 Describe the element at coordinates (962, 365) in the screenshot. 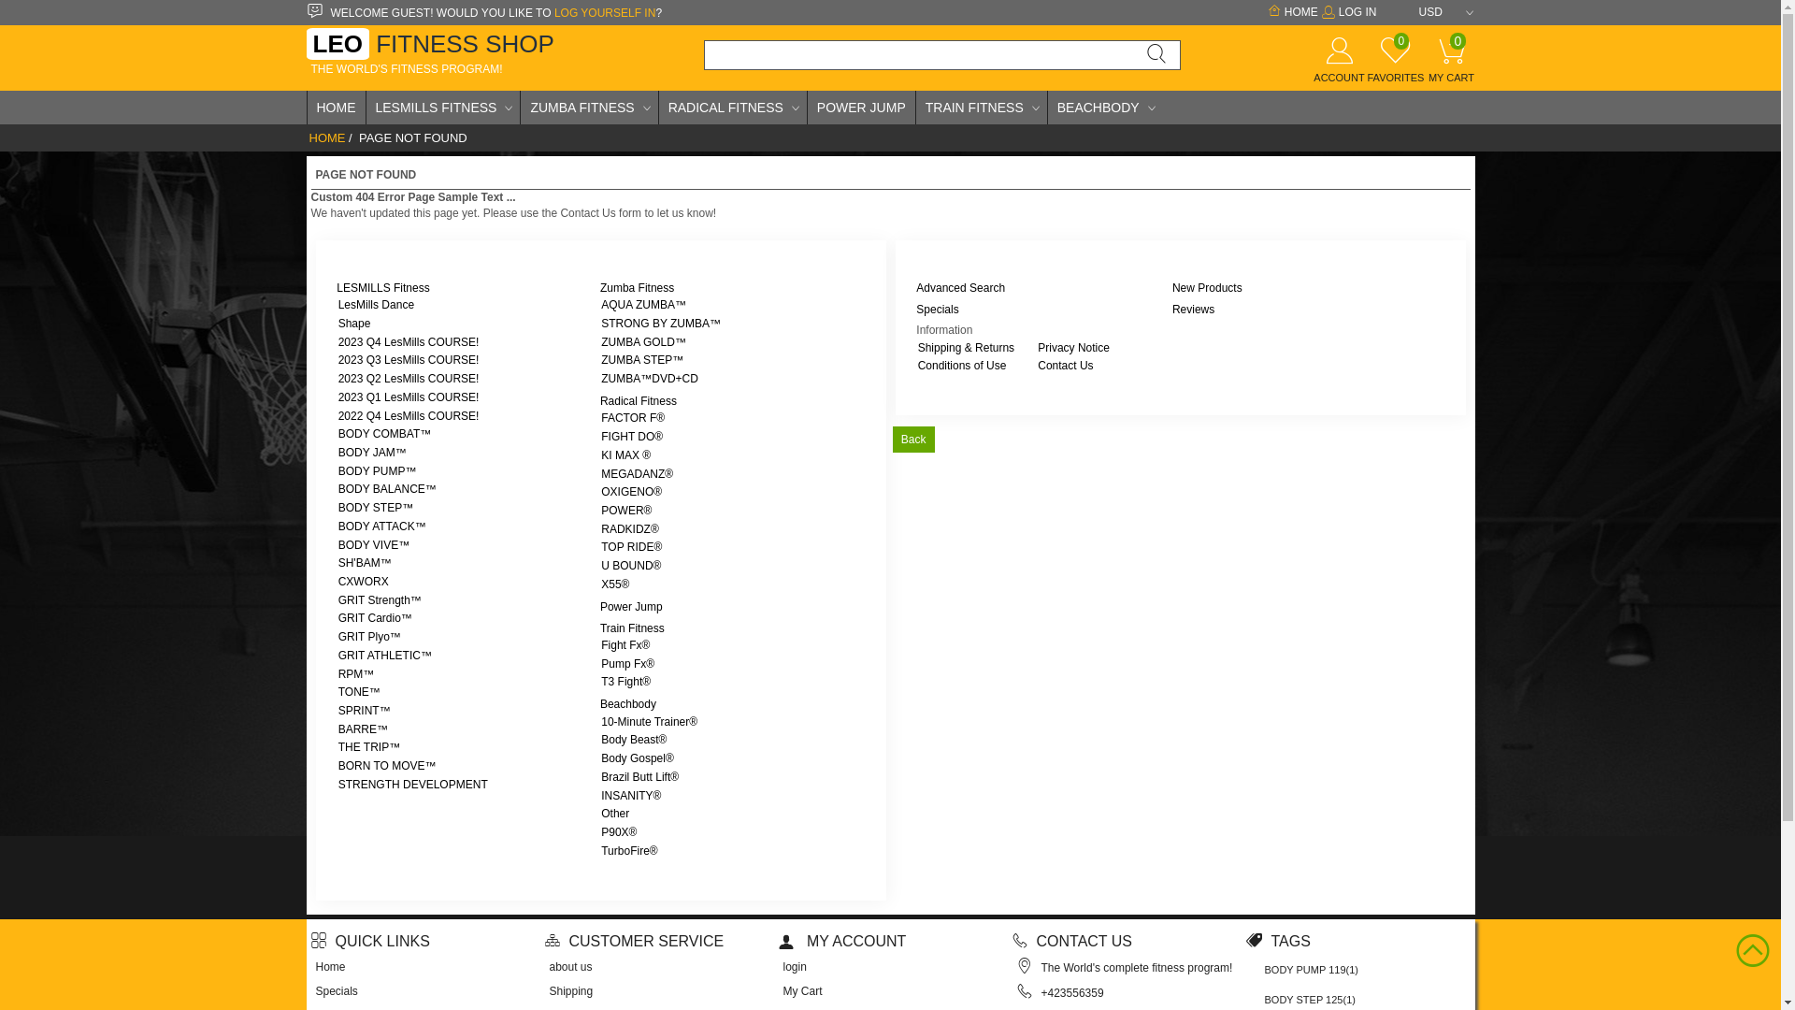

I see `'Conditions of Use'` at that location.